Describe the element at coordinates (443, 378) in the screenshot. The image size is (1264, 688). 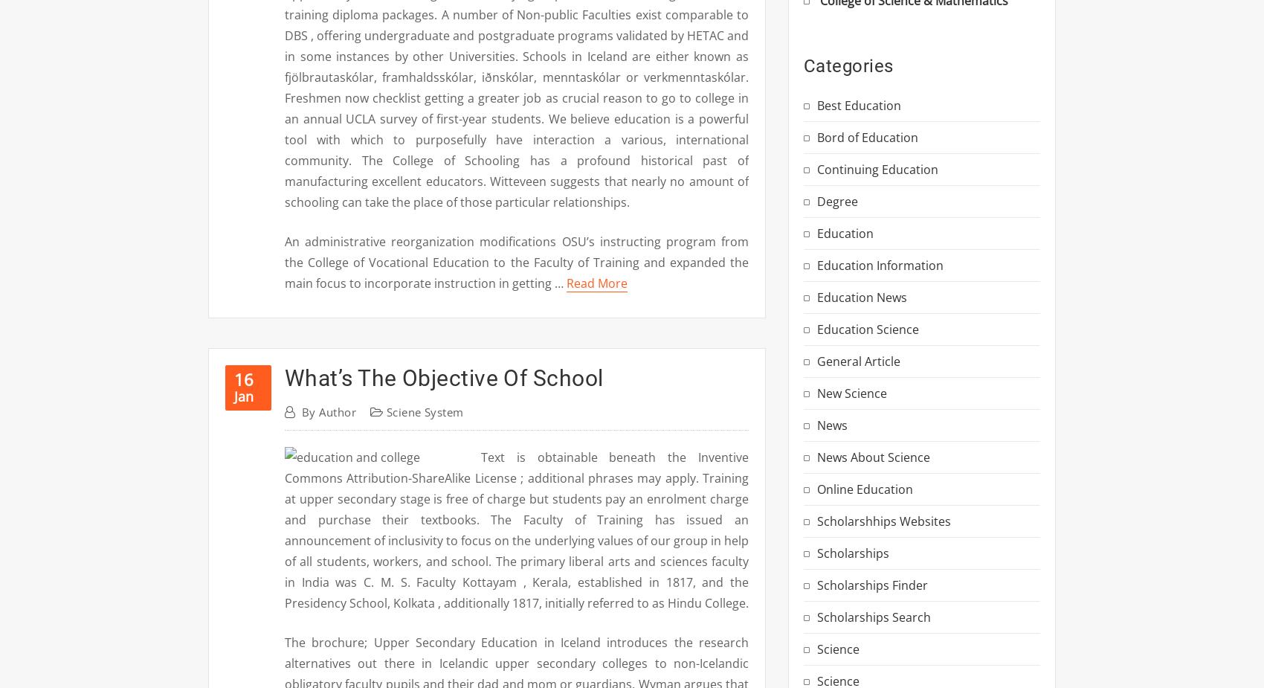
I see `'What’s The Objective Of School'` at that location.